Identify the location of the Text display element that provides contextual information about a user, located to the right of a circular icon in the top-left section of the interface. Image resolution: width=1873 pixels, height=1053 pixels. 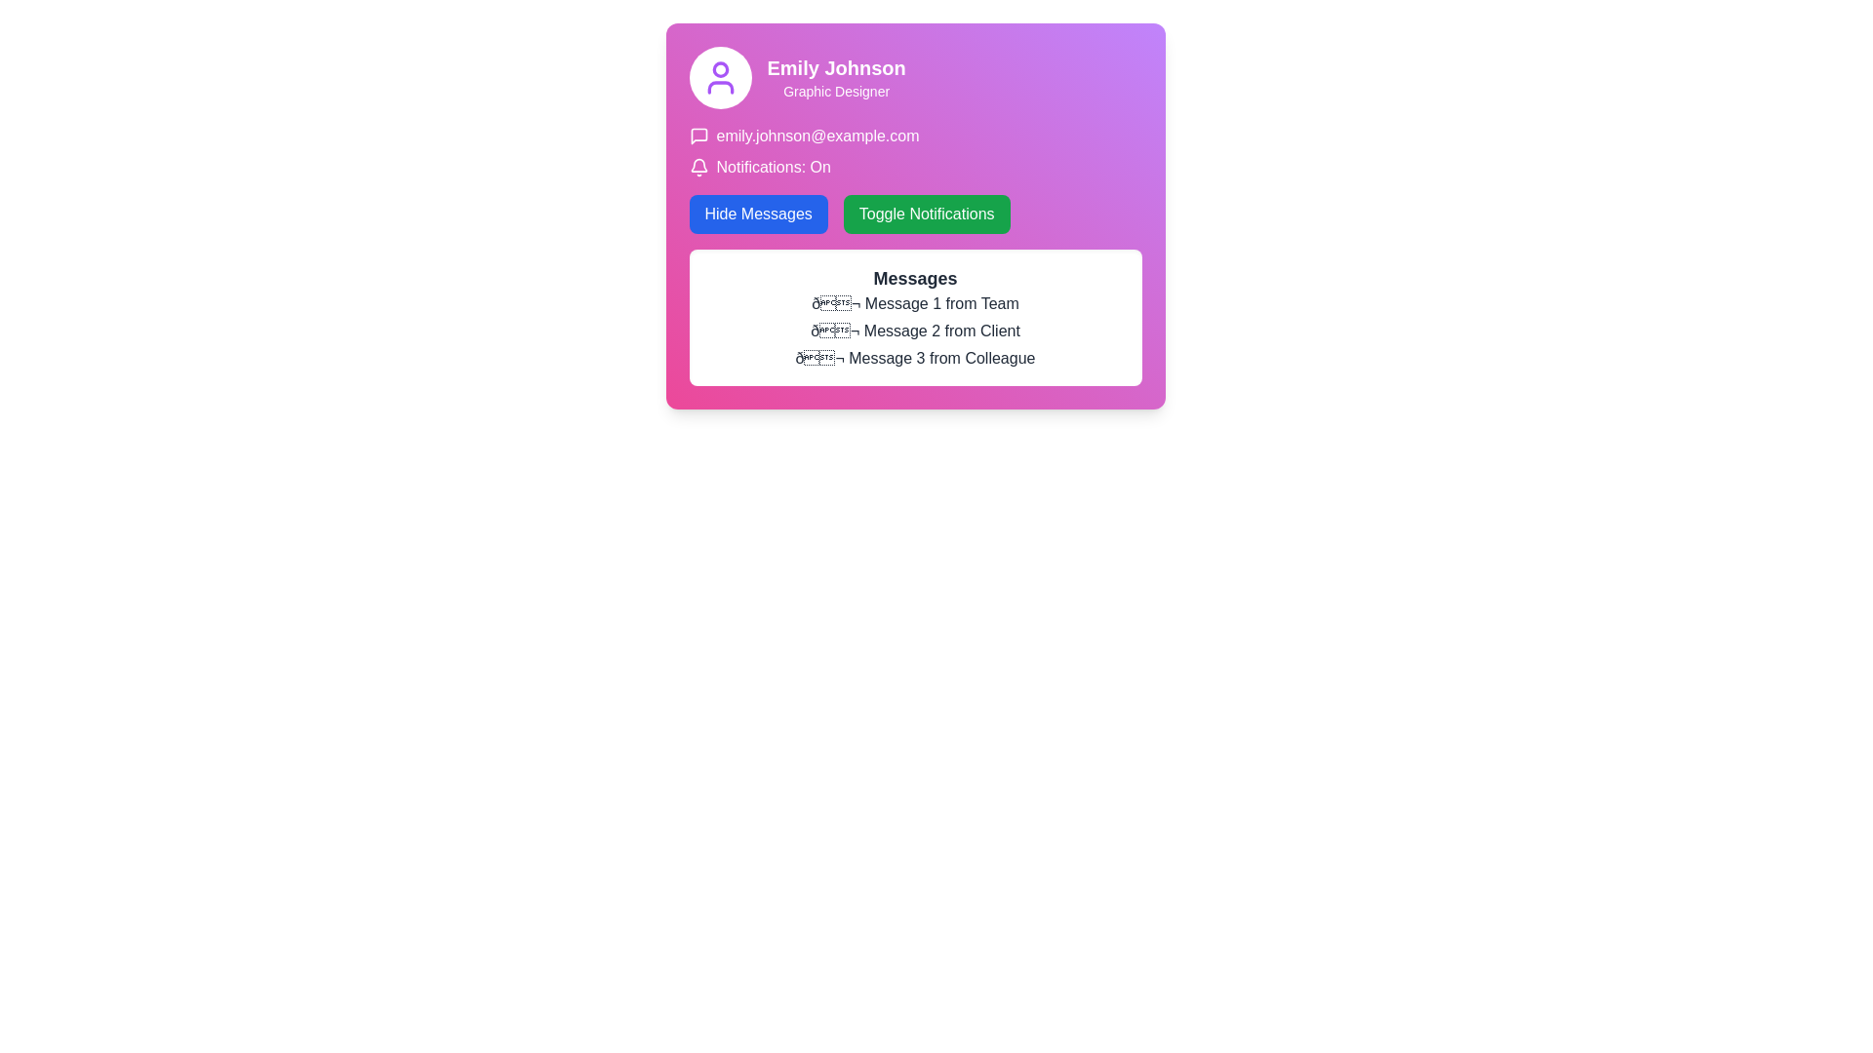
(836, 77).